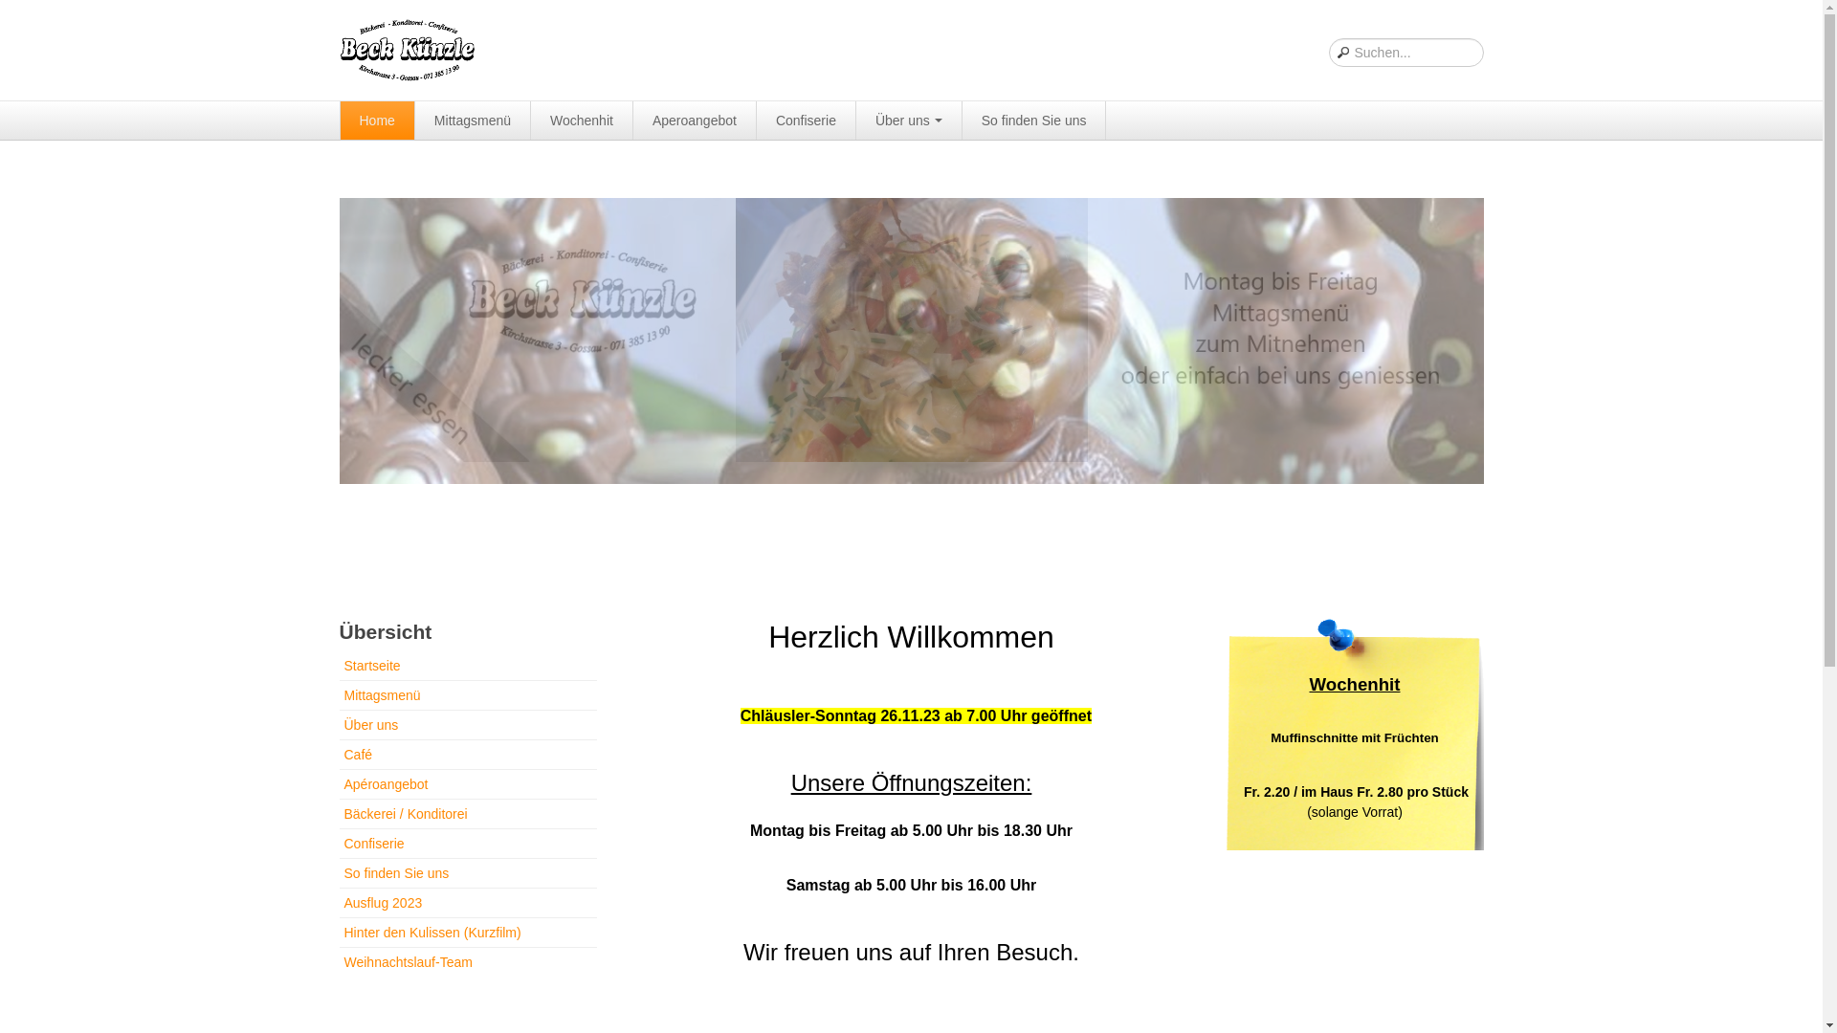 The height and width of the screenshot is (1033, 1837). What do you see at coordinates (467, 667) in the screenshot?
I see `'Startseite'` at bounding box center [467, 667].